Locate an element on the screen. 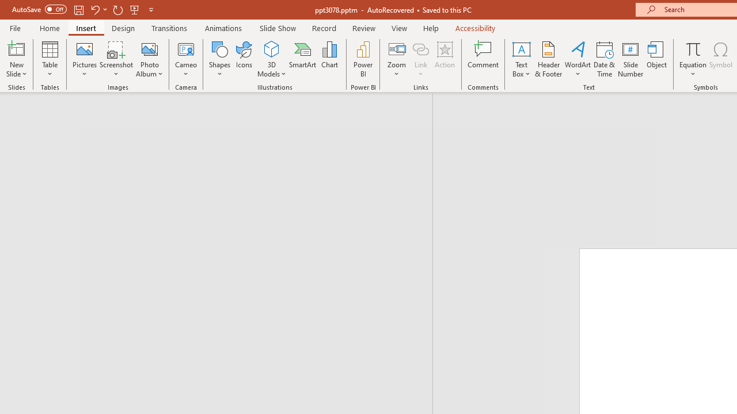 The image size is (737, 414). 'Slide Number' is located at coordinates (630, 59).